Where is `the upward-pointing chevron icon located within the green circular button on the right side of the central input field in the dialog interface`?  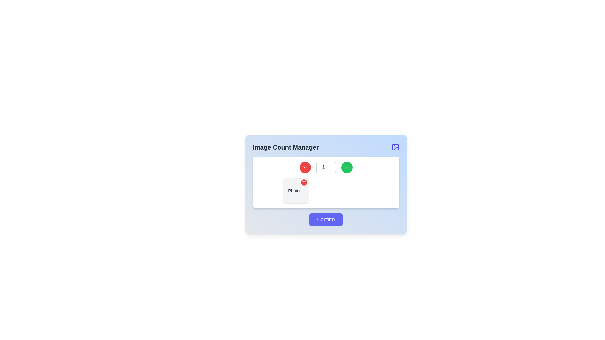 the upward-pointing chevron icon located within the green circular button on the right side of the central input field in the dialog interface is located at coordinates (346, 167).